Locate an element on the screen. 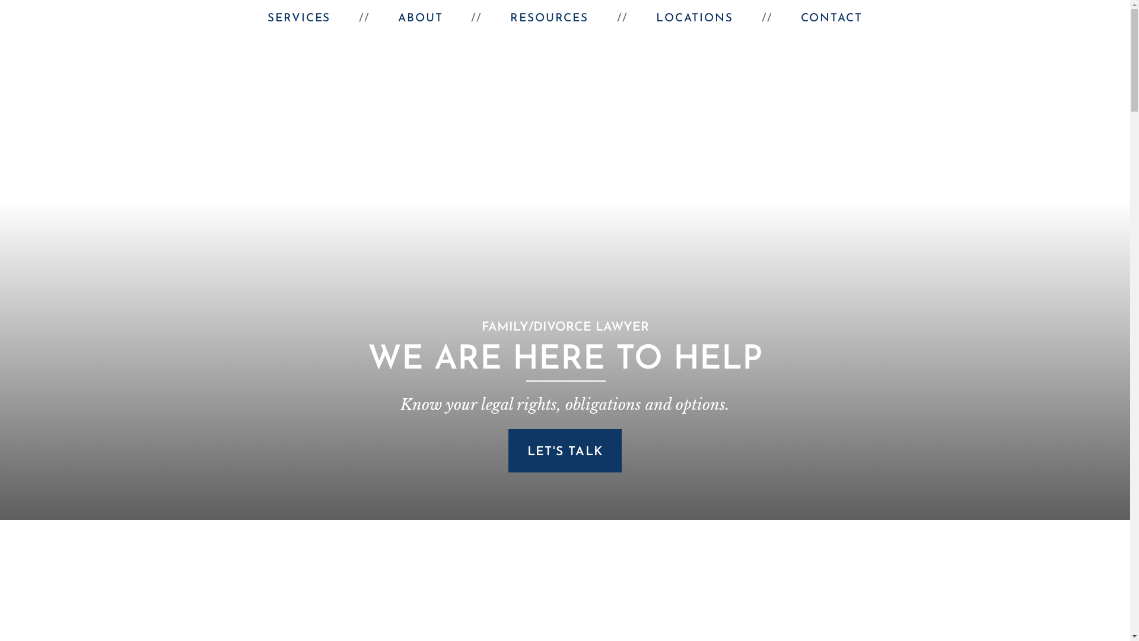 This screenshot has width=1139, height=641. 'ABOUT' is located at coordinates (420, 18).